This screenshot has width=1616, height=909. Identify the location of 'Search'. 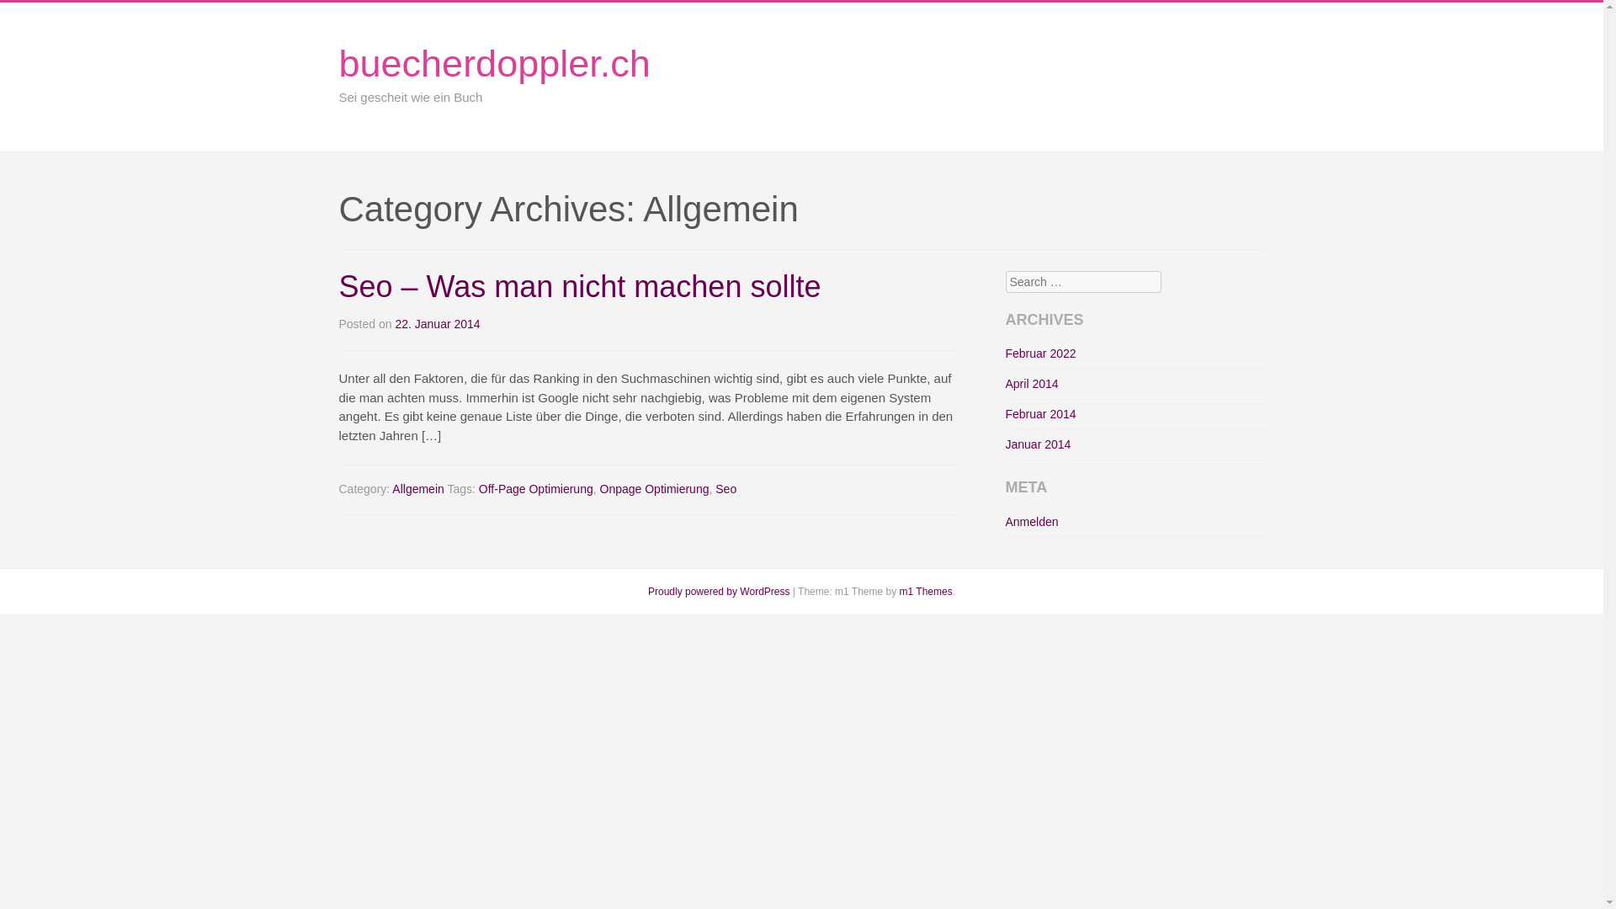
(36, 16).